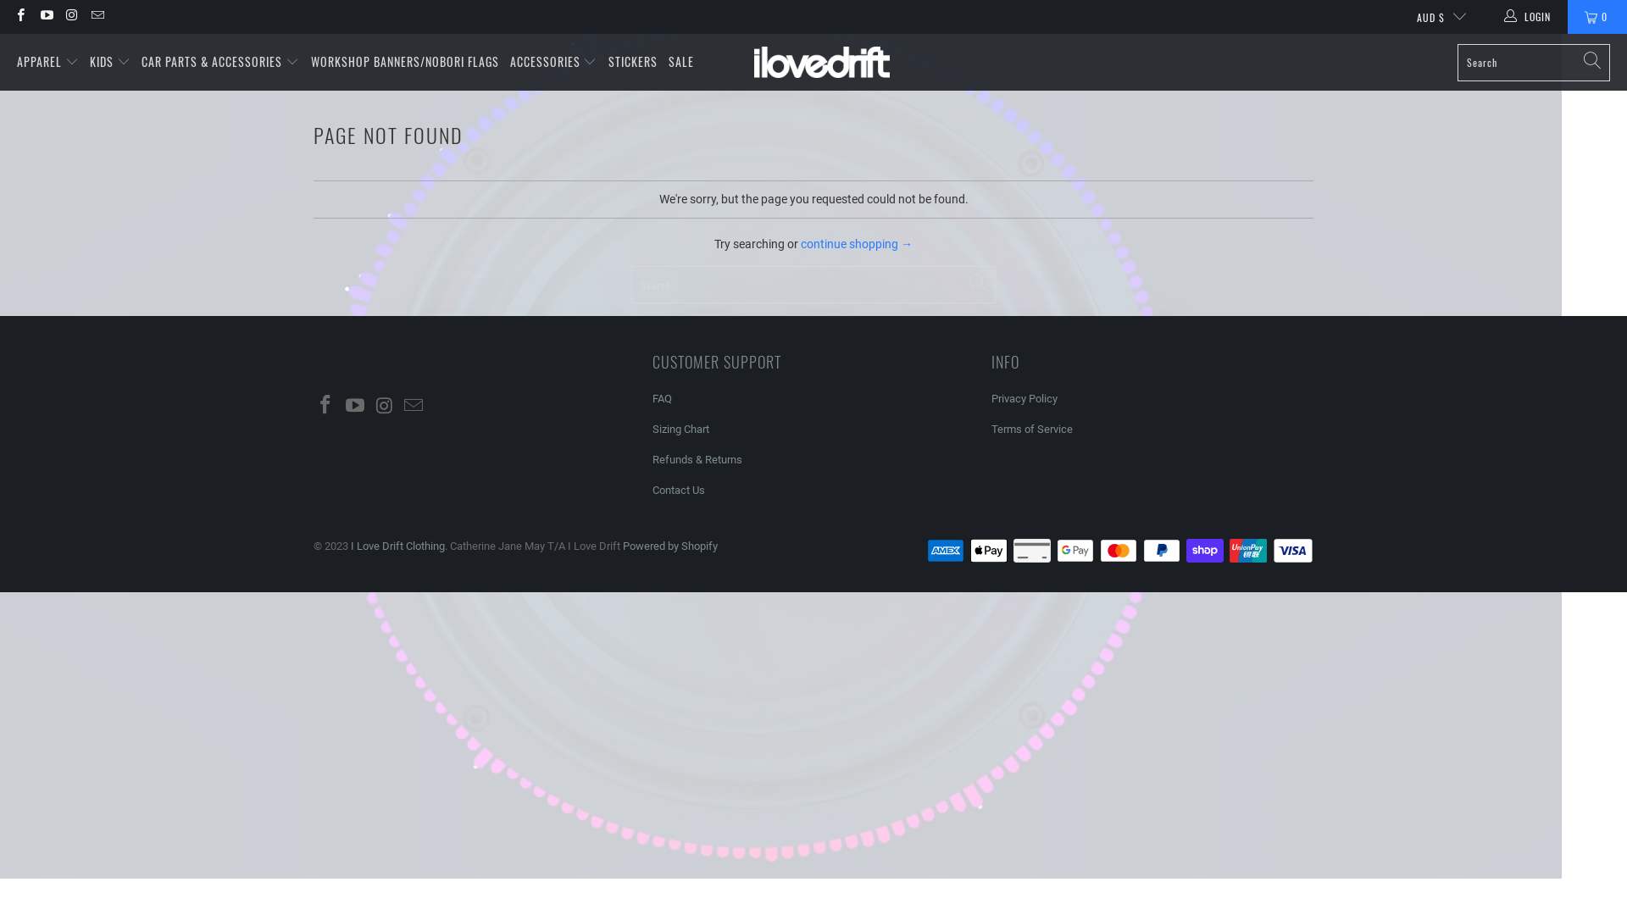 The height and width of the screenshot is (915, 1627). I want to click on 'WORKSHOP BANNERS/NOBORI FLAGS', so click(404, 61).